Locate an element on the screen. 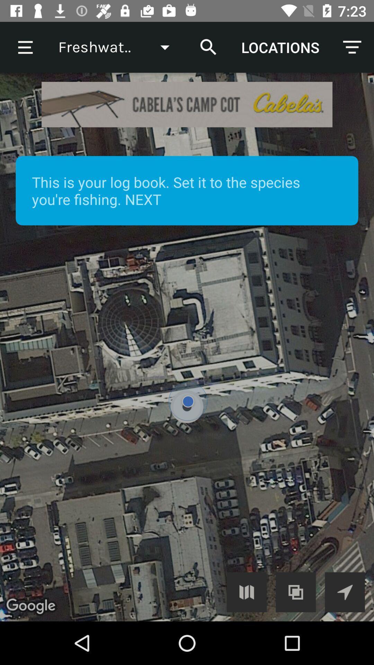  compass needle pointing north is located at coordinates (345, 592).